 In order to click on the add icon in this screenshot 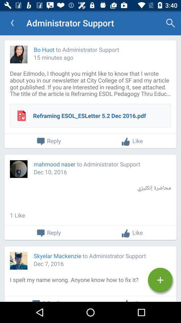, I will do `click(160, 280)`.